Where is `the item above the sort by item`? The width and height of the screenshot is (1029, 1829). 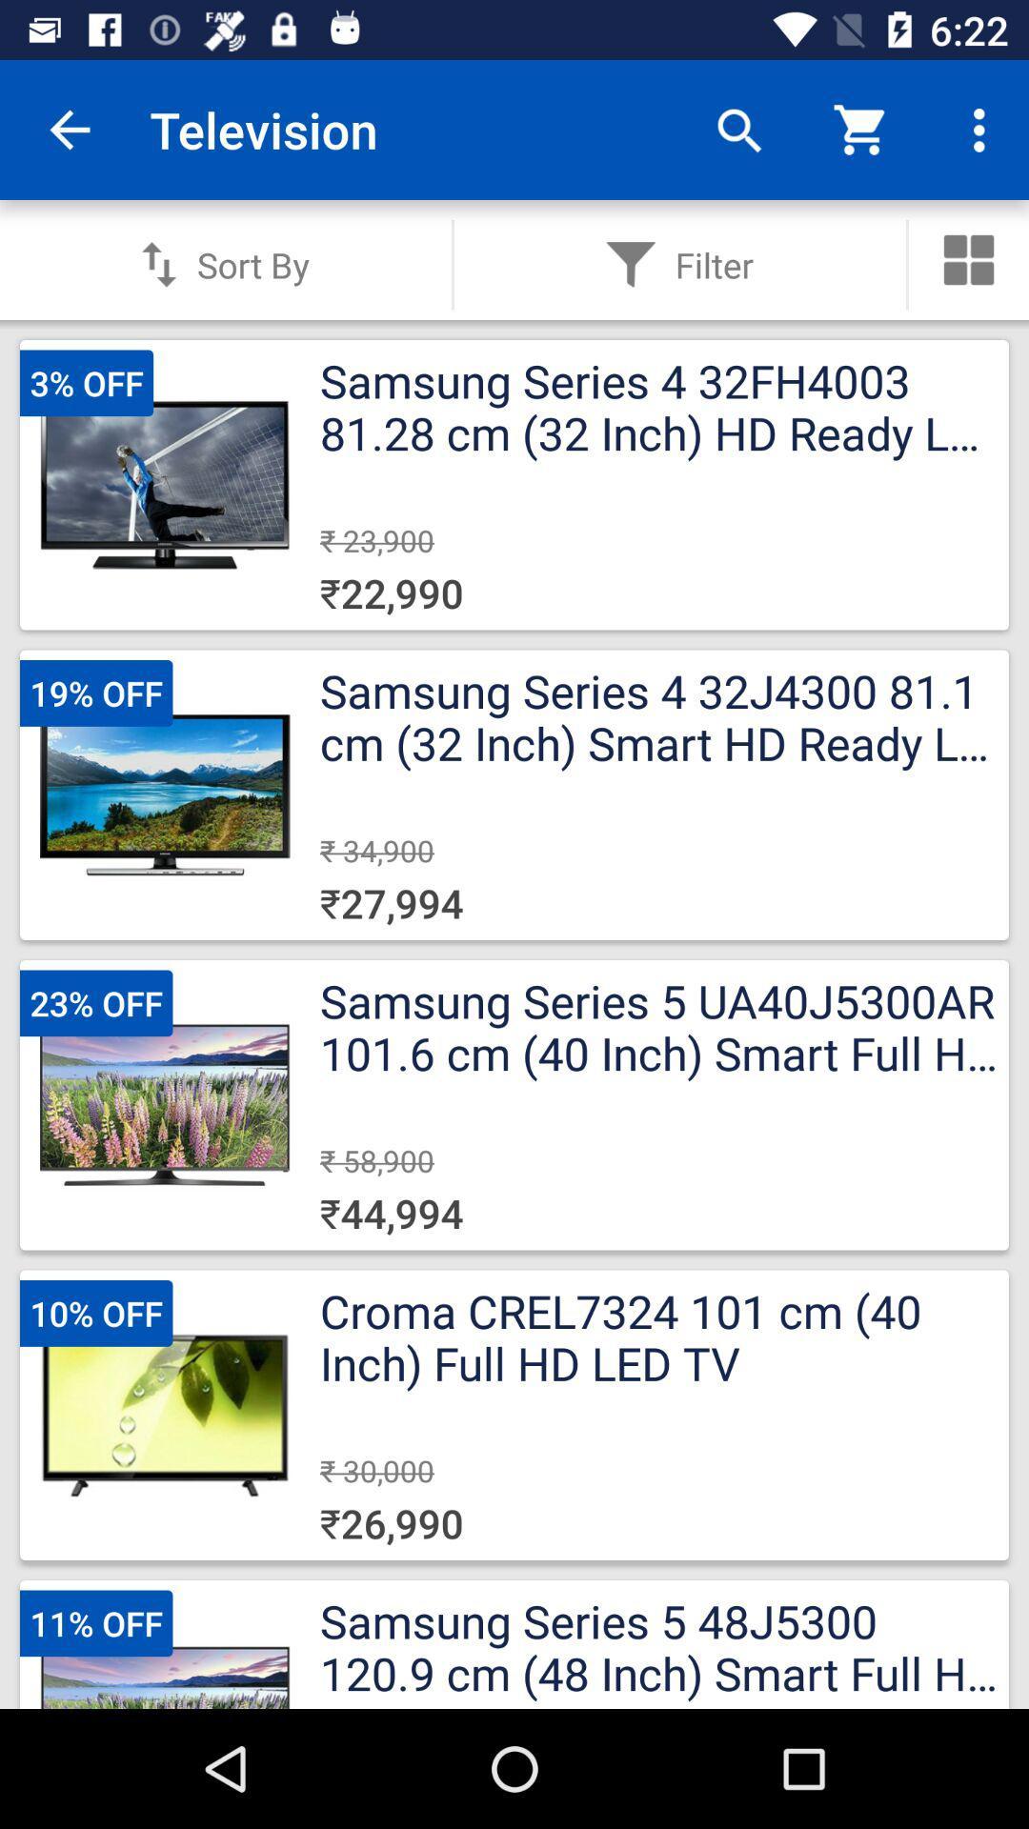 the item above the sort by item is located at coordinates (69, 129).